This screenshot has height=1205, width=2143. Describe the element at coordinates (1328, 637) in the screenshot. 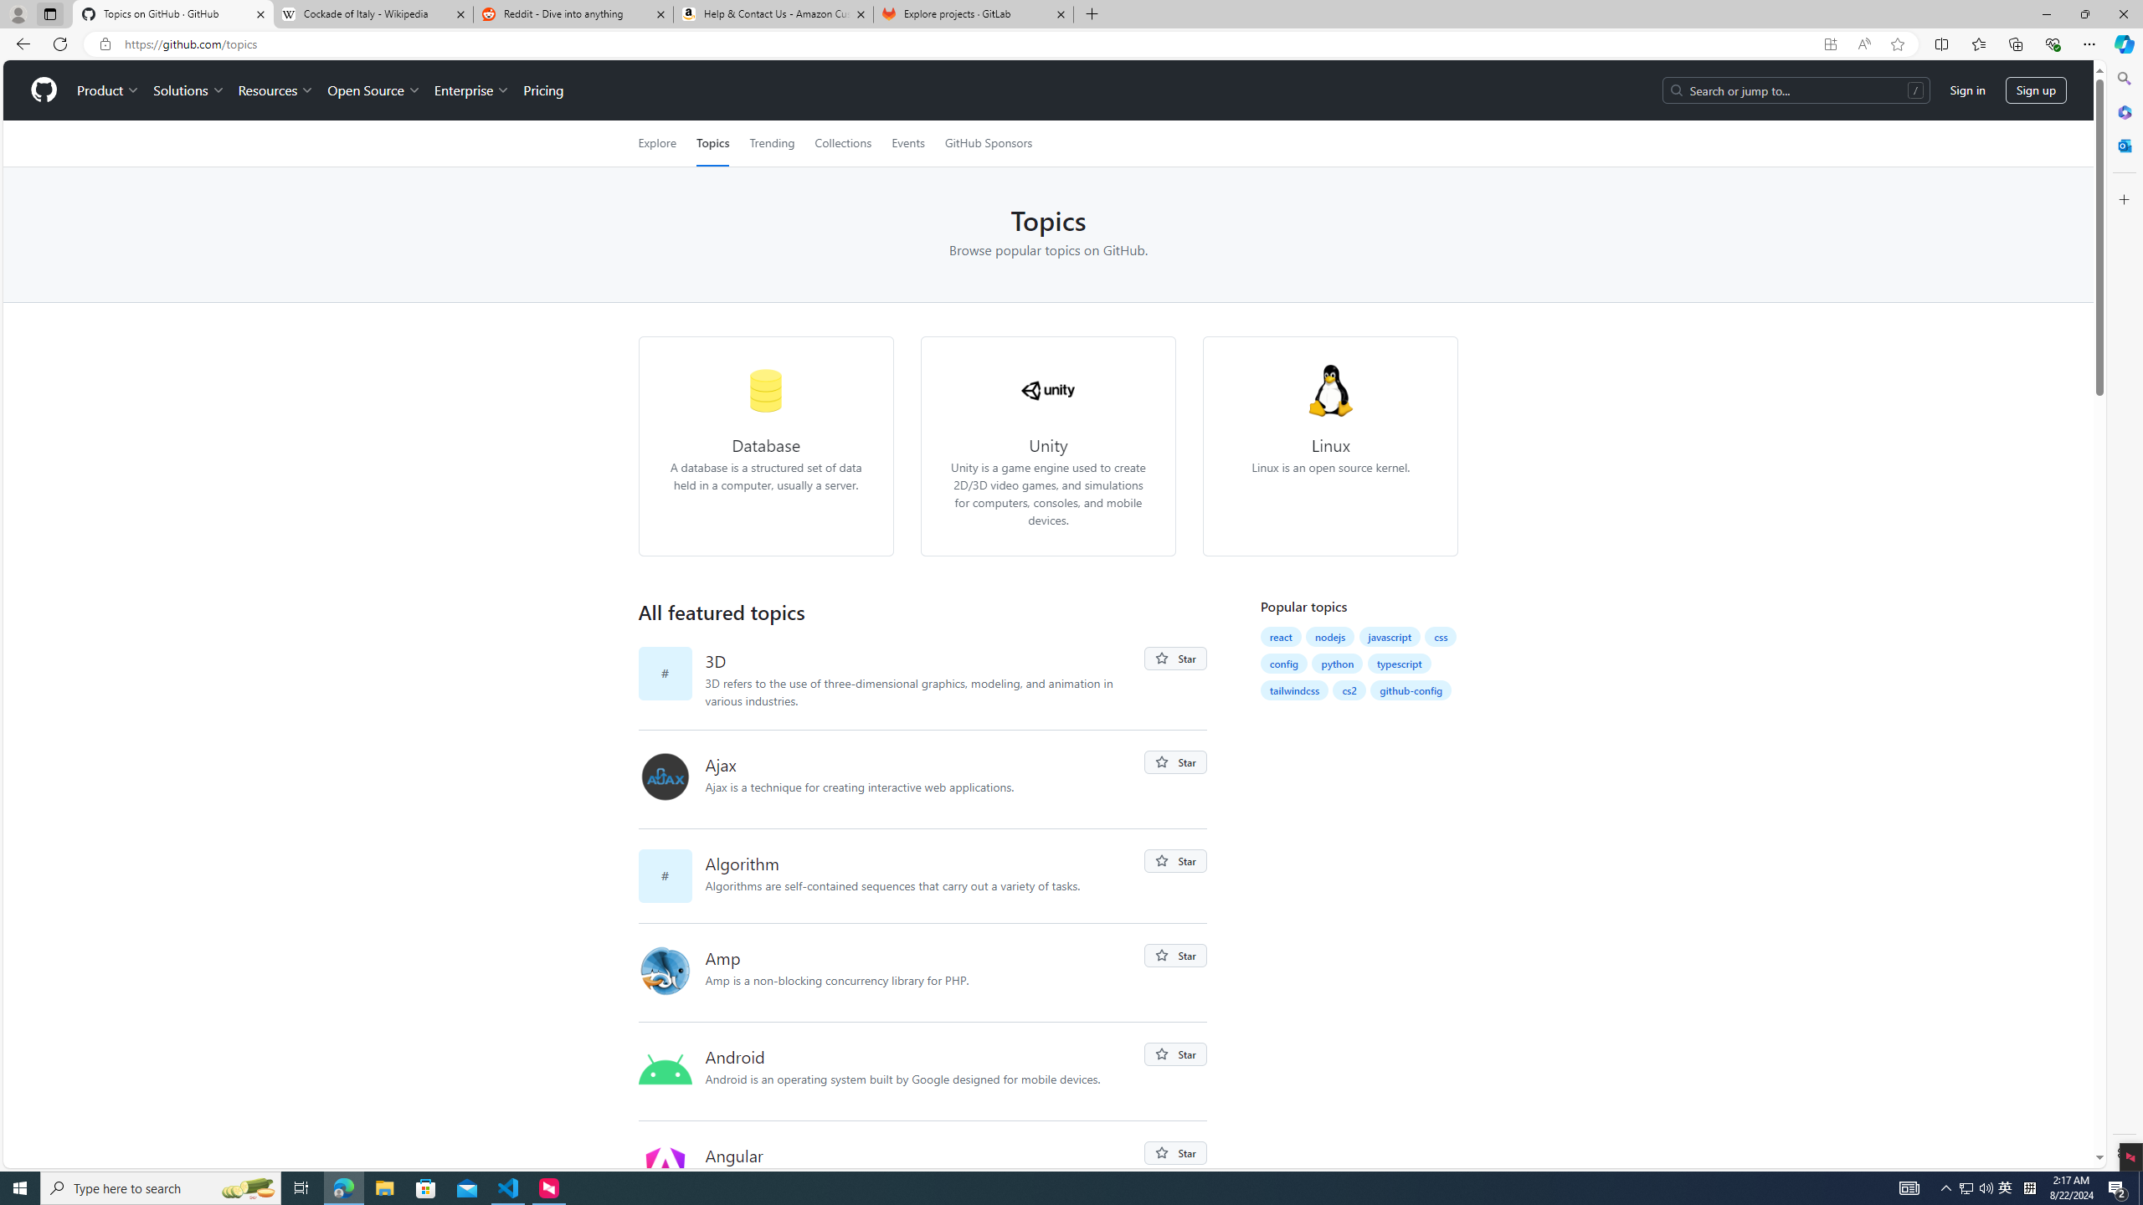

I see `'nodejs'` at that location.